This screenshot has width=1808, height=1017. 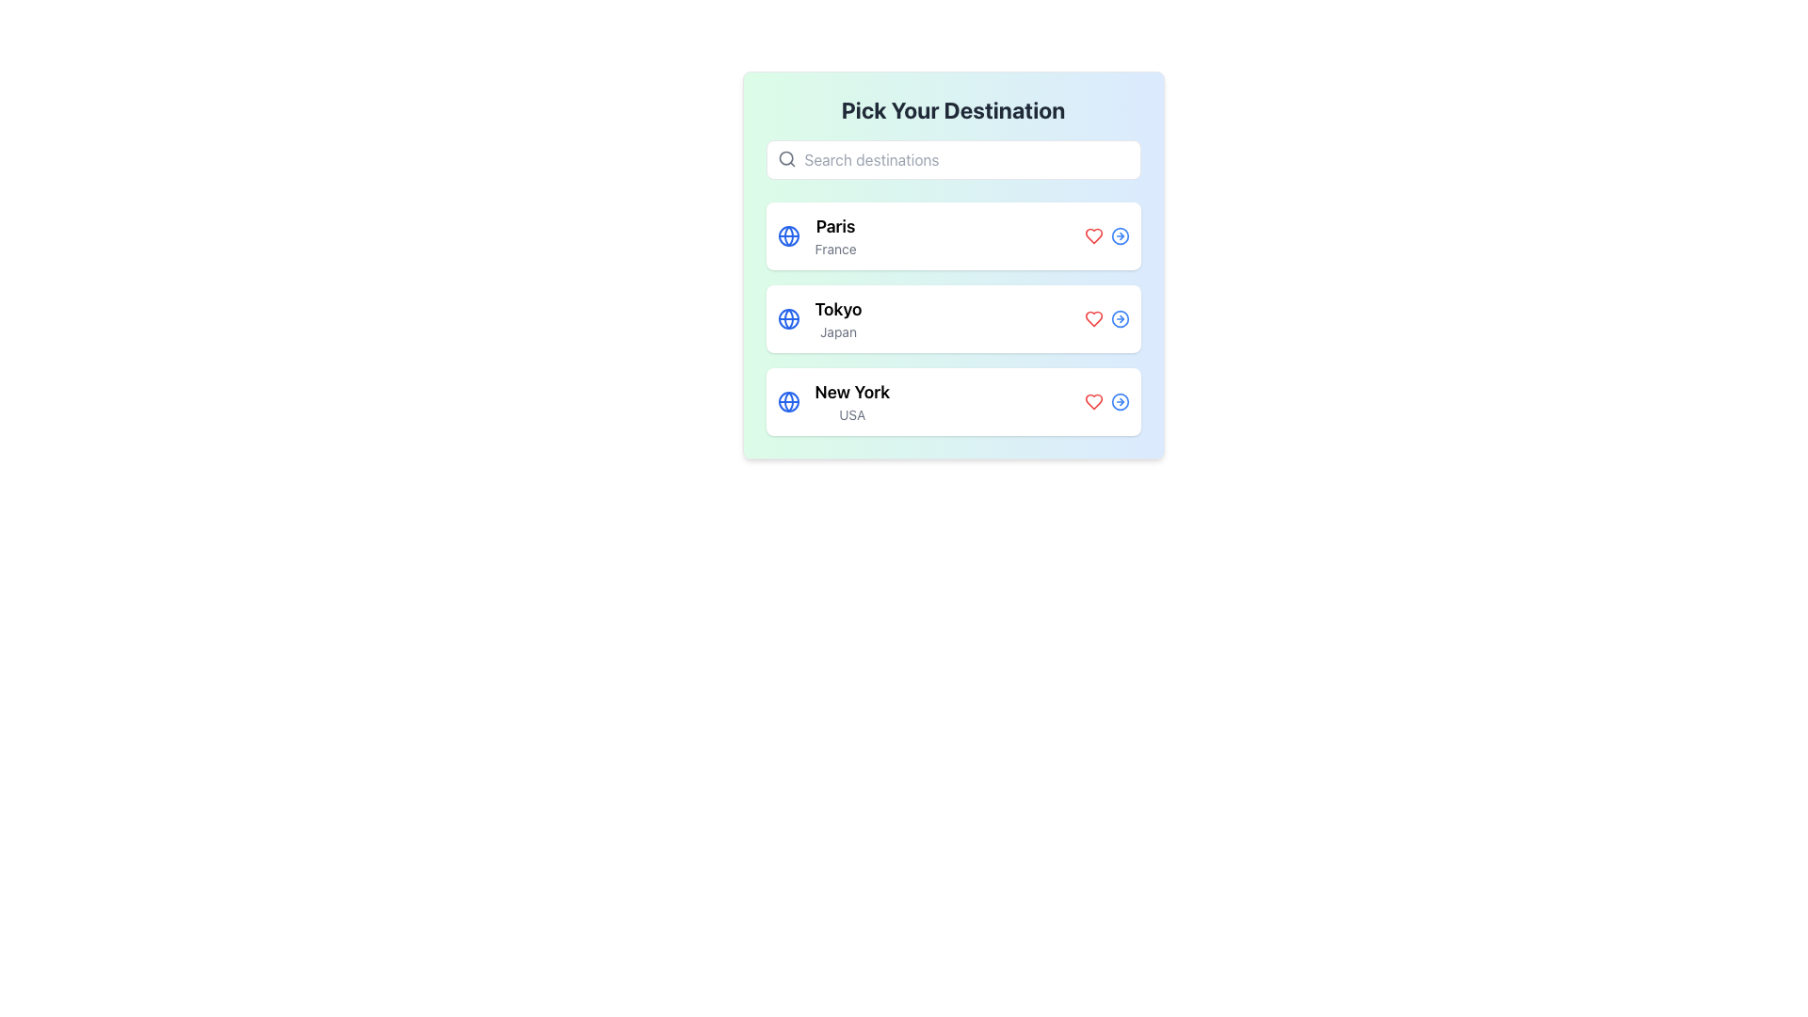 I want to click on the navigational icon button located at the far right of the first row in the list display, adjacent to the red heart icon, so click(x=1120, y=234).